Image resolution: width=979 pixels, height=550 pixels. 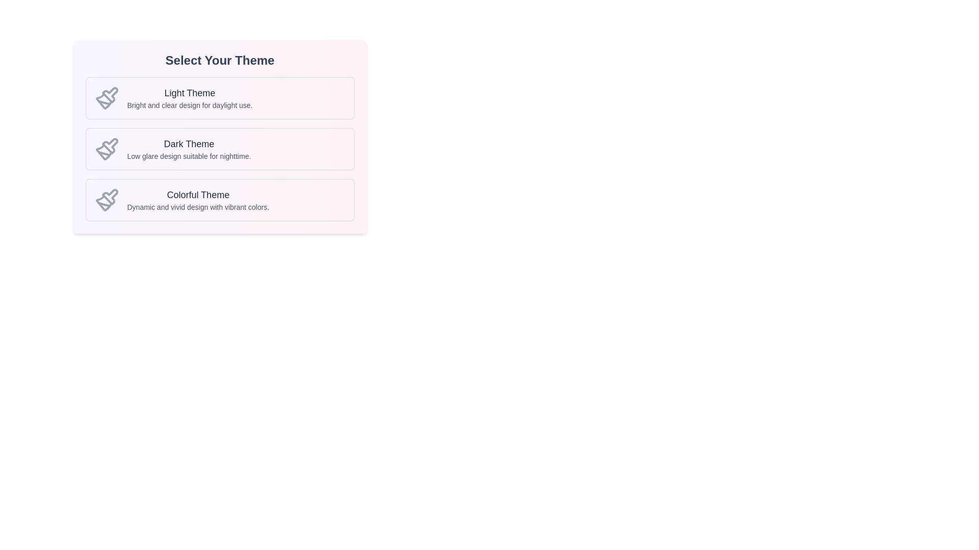 I want to click on the second button in the vertical list under the 'Select Your Theme' header, so click(x=219, y=149).